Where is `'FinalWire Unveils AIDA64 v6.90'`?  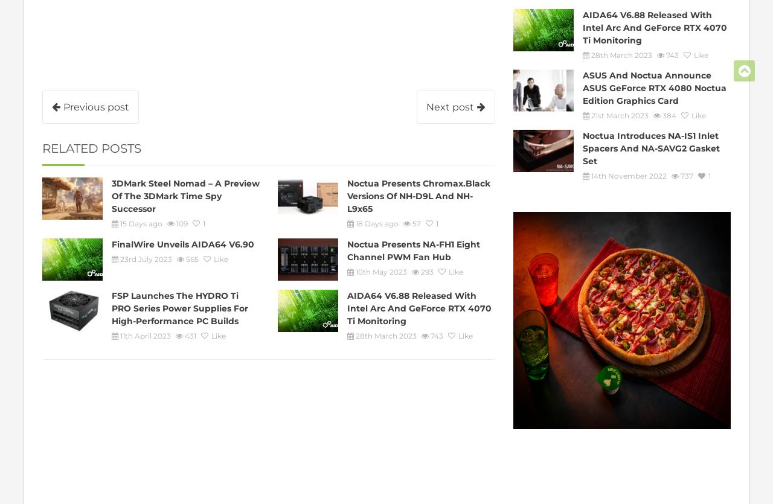 'FinalWire Unveils AIDA64 v6.90' is located at coordinates (182, 243).